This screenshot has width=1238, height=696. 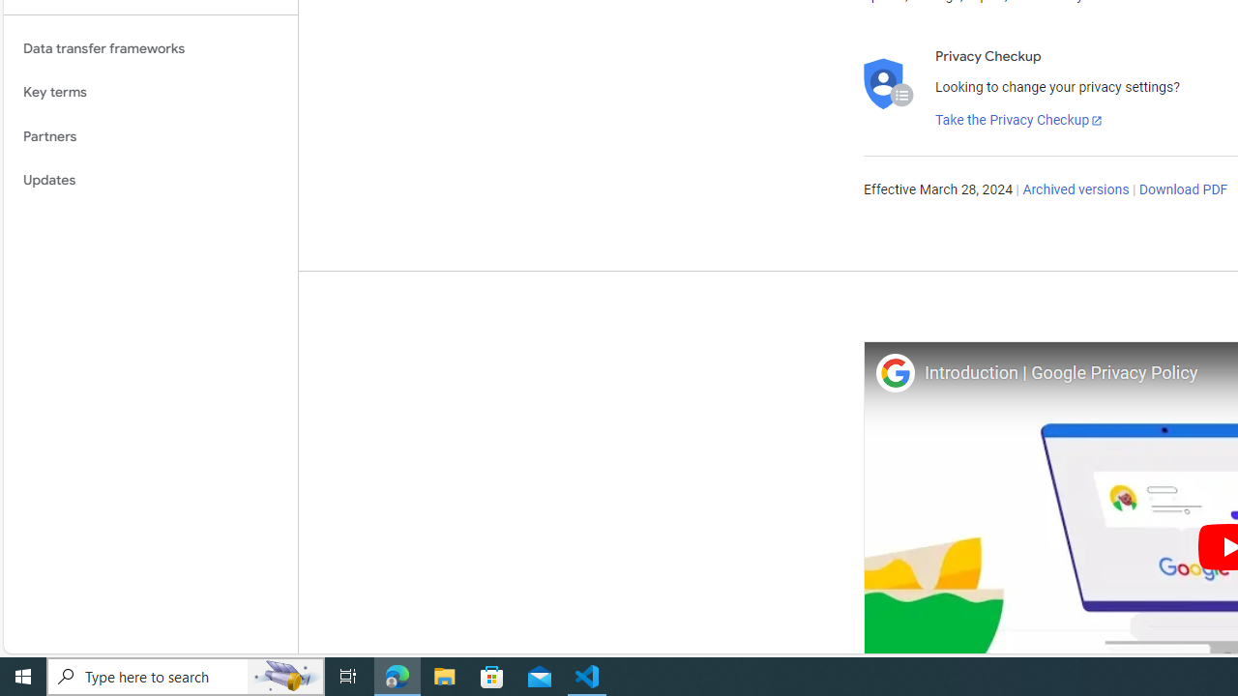 What do you see at coordinates (150, 181) in the screenshot?
I see `'Updates'` at bounding box center [150, 181].